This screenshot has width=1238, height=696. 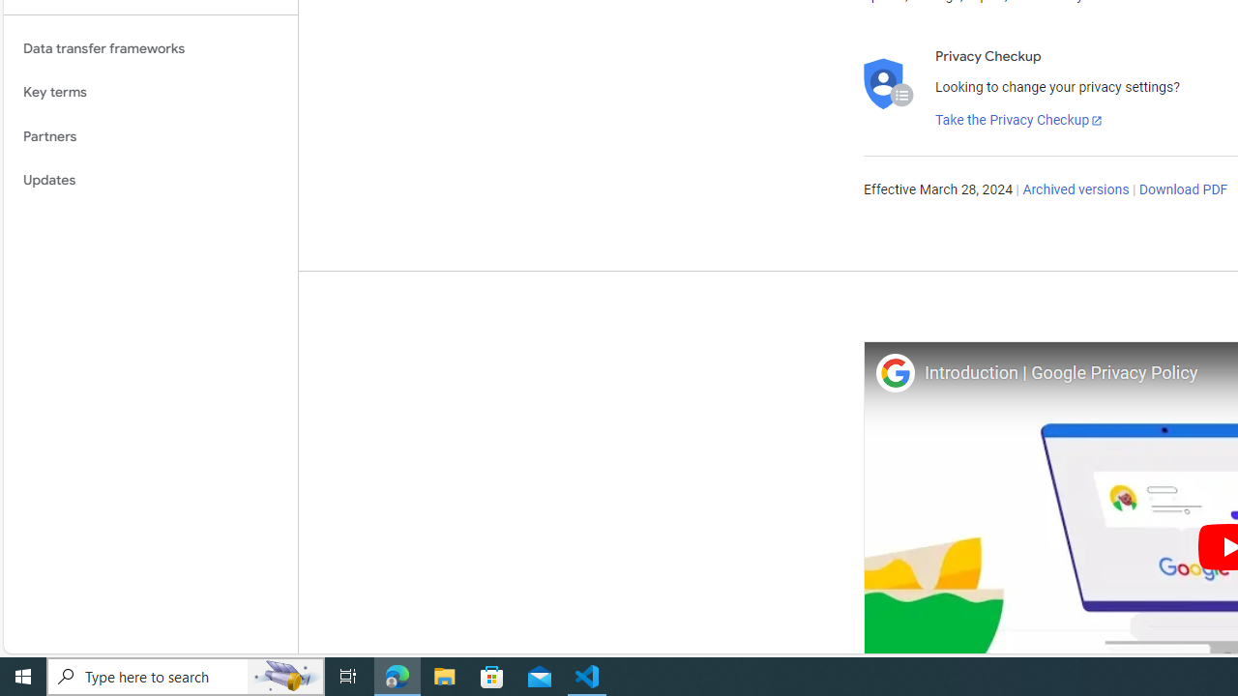 What do you see at coordinates (150, 181) in the screenshot?
I see `'Updates'` at bounding box center [150, 181].